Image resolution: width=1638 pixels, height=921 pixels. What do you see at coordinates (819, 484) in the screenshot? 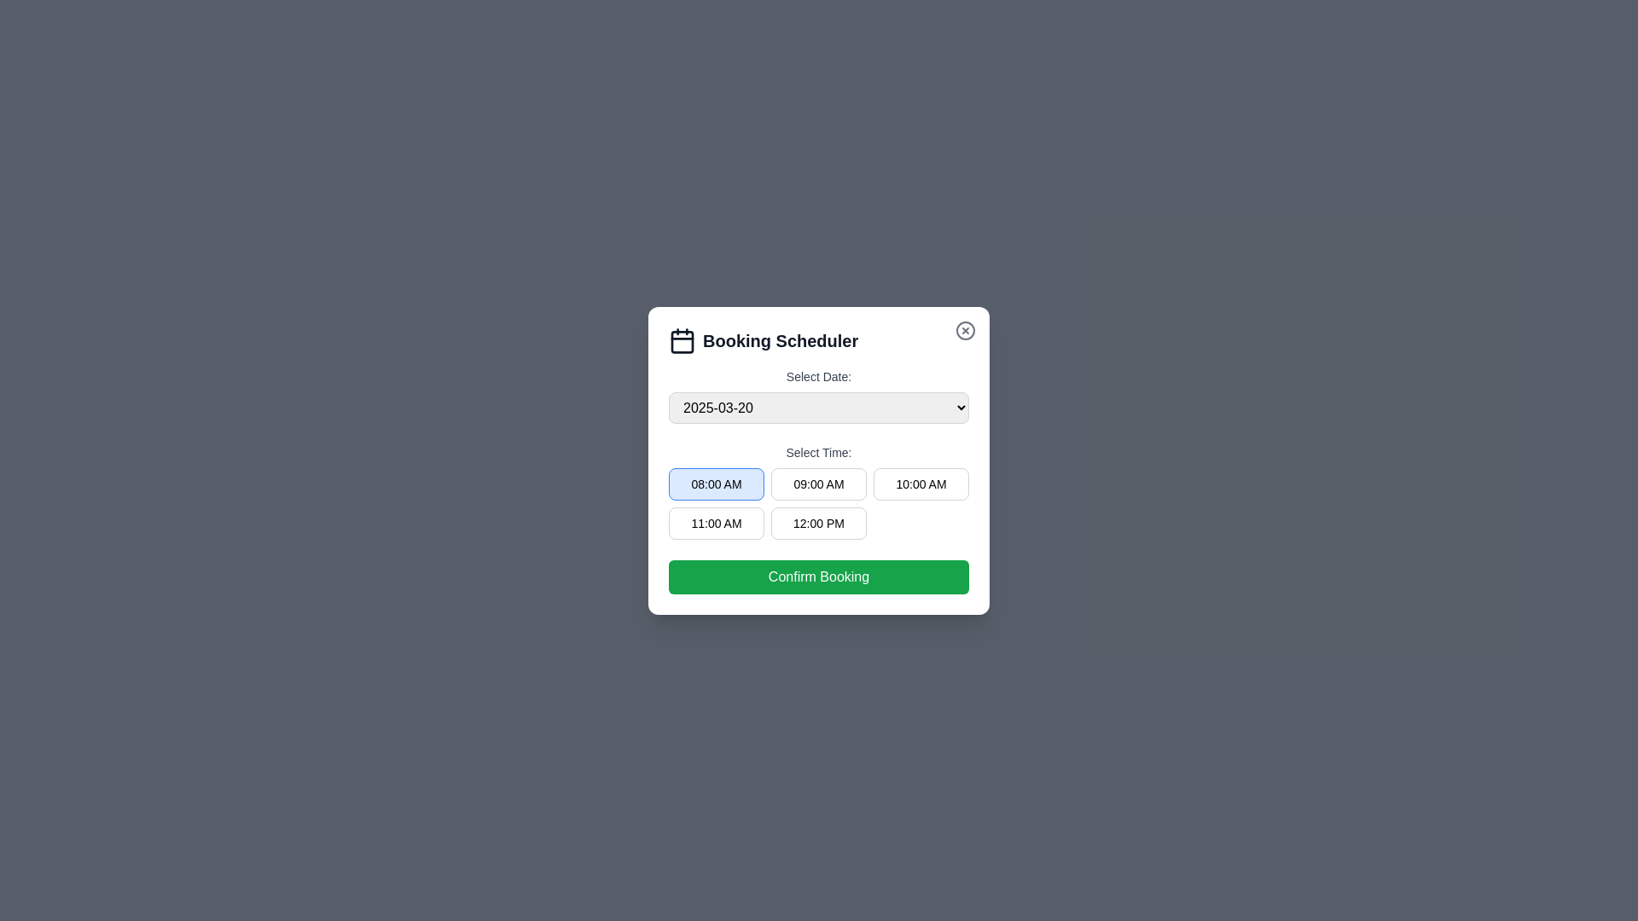
I see `the '09:00 AM' button, which is a rectangular button with a white background and black text` at bounding box center [819, 484].